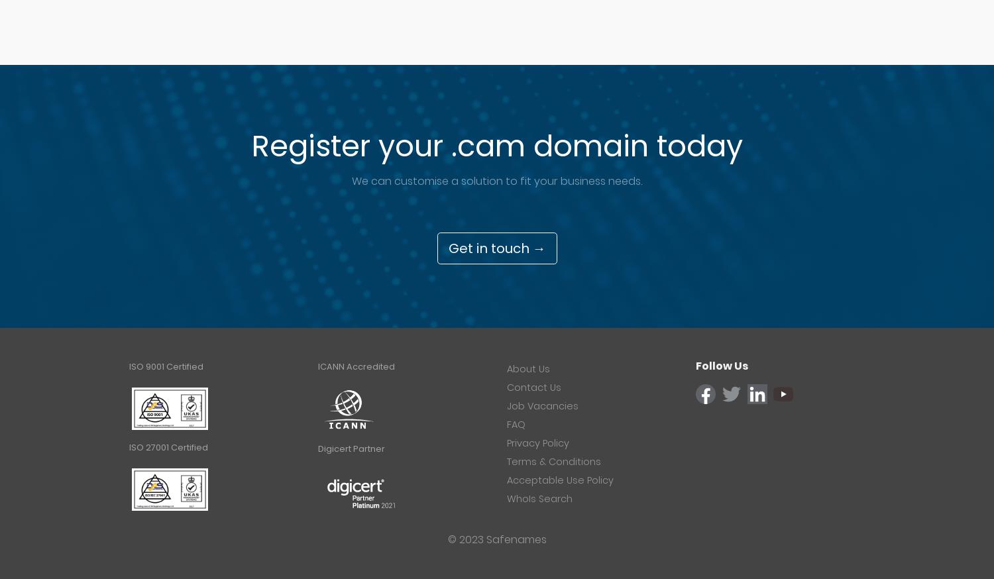 This screenshot has width=994, height=579. I want to click on 'ISO 9001 Certified', so click(166, 366).